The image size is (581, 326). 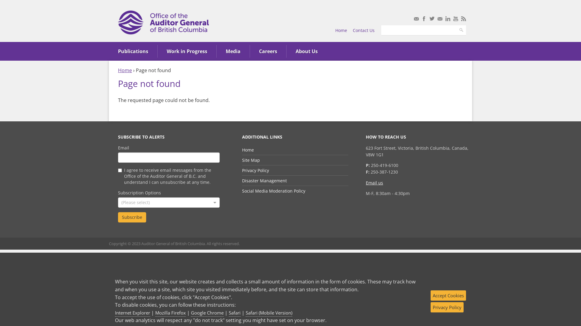 I want to click on 'Subscribe', so click(x=132, y=217).